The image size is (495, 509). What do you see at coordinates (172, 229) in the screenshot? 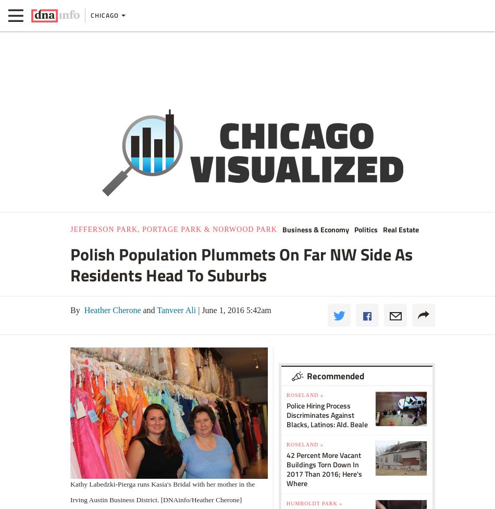
I see `'Jefferson Park, Portage Park & Norwood Park'` at bounding box center [172, 229].